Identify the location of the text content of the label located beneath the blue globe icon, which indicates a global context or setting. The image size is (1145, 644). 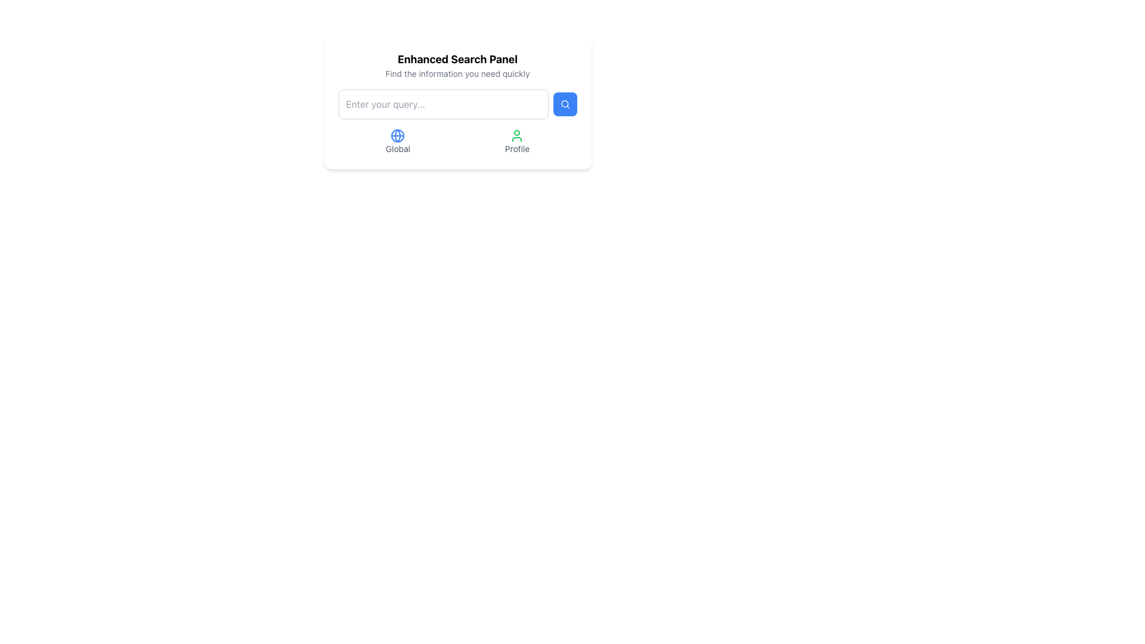
(398, 148).